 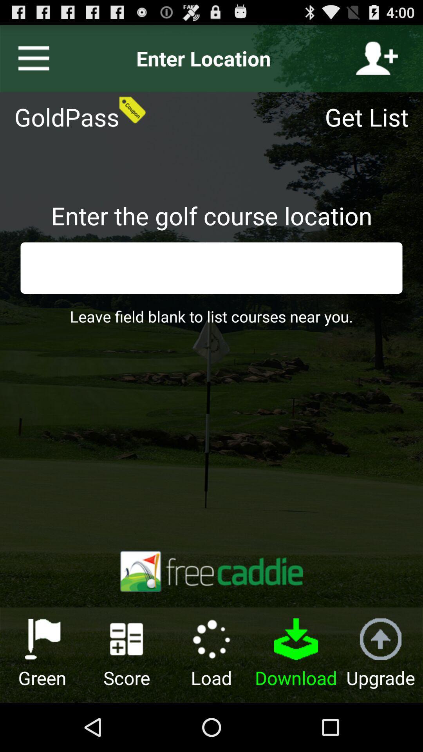 What do you see at coordinates (371, 116) in the screenshot?
I see `the get list` at bounding box center [371, 116].